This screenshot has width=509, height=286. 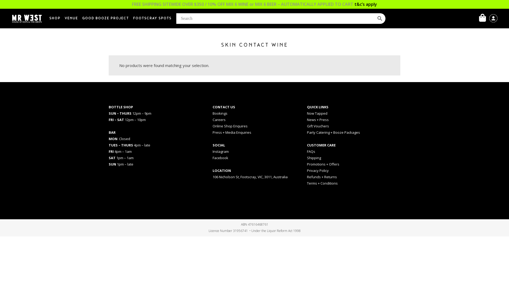 I want to click on 'My Cart', so click(x=484, y=17).